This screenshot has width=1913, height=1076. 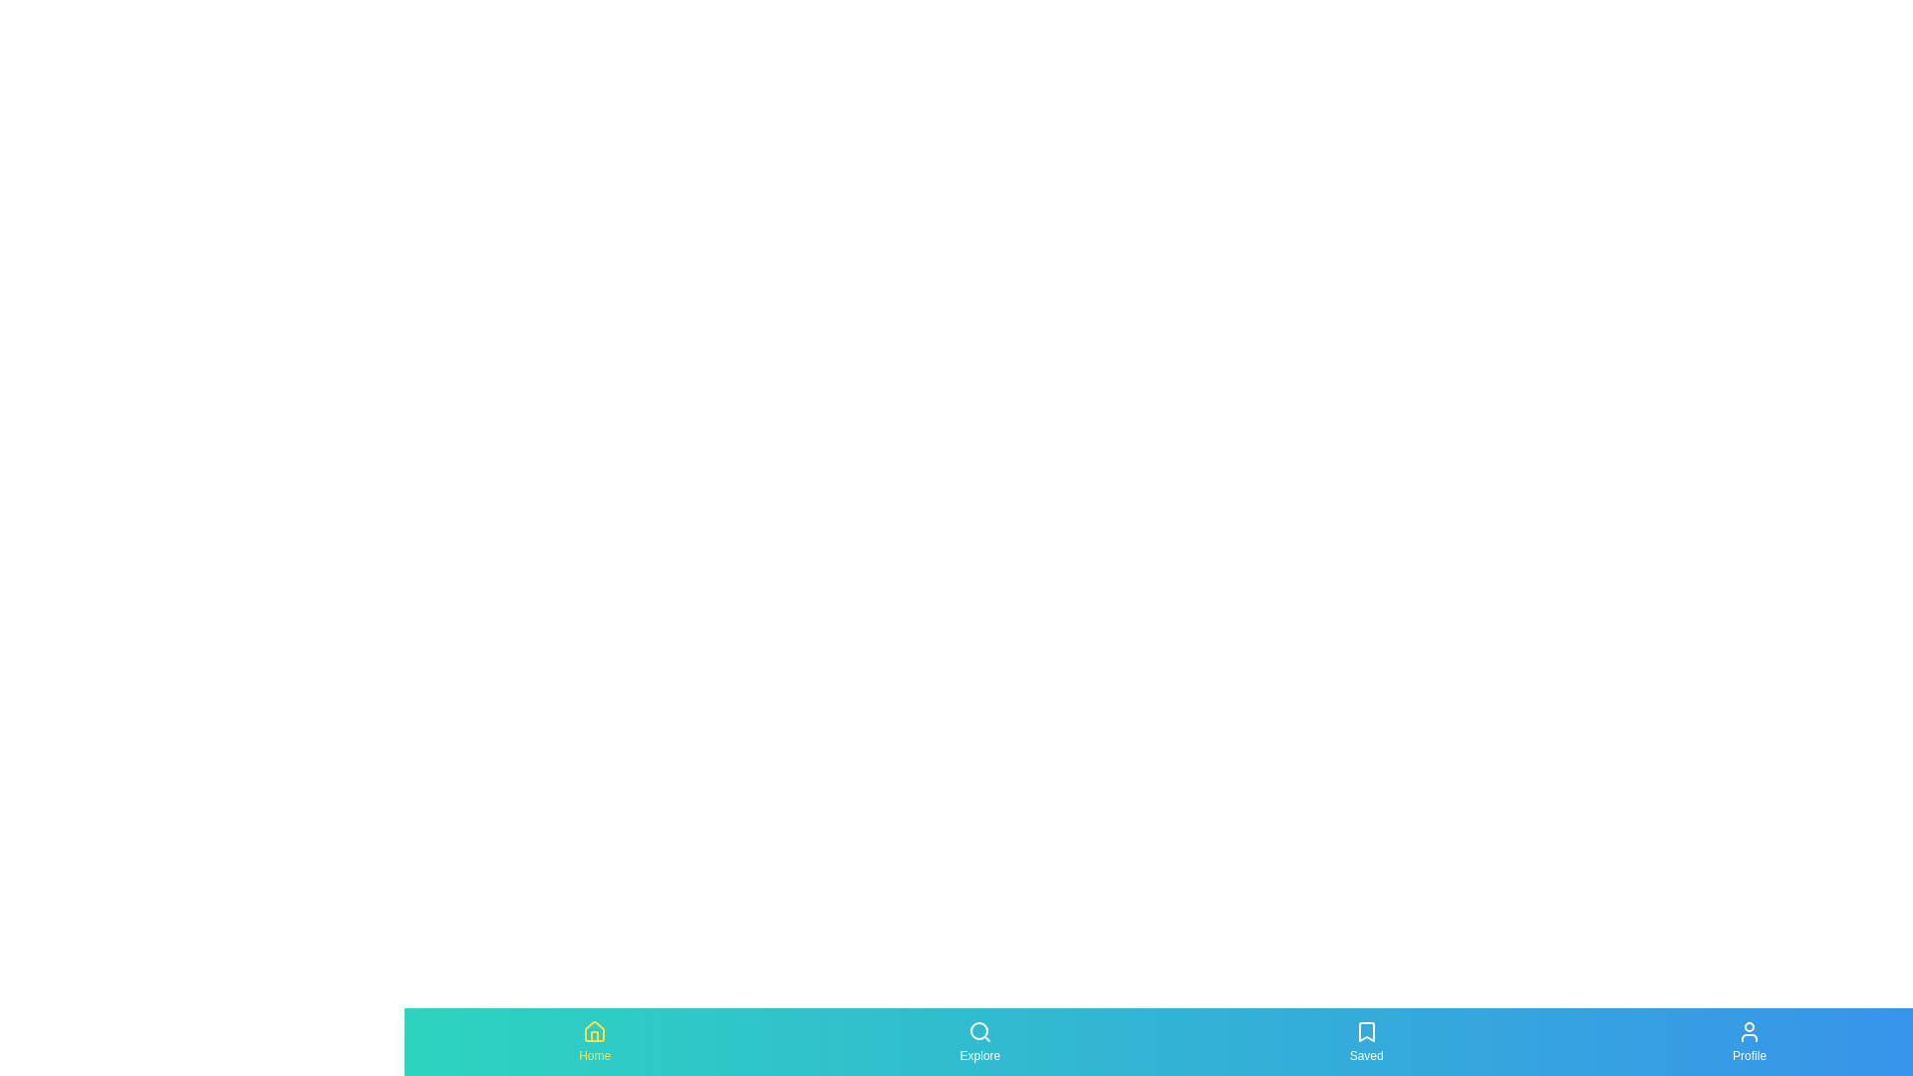 What do you see at coordinates (1749, 1040) in the screenshot?
I see `the tab labeled Profile by clicking on its icon or label` at bounding box center [1749, 1040].